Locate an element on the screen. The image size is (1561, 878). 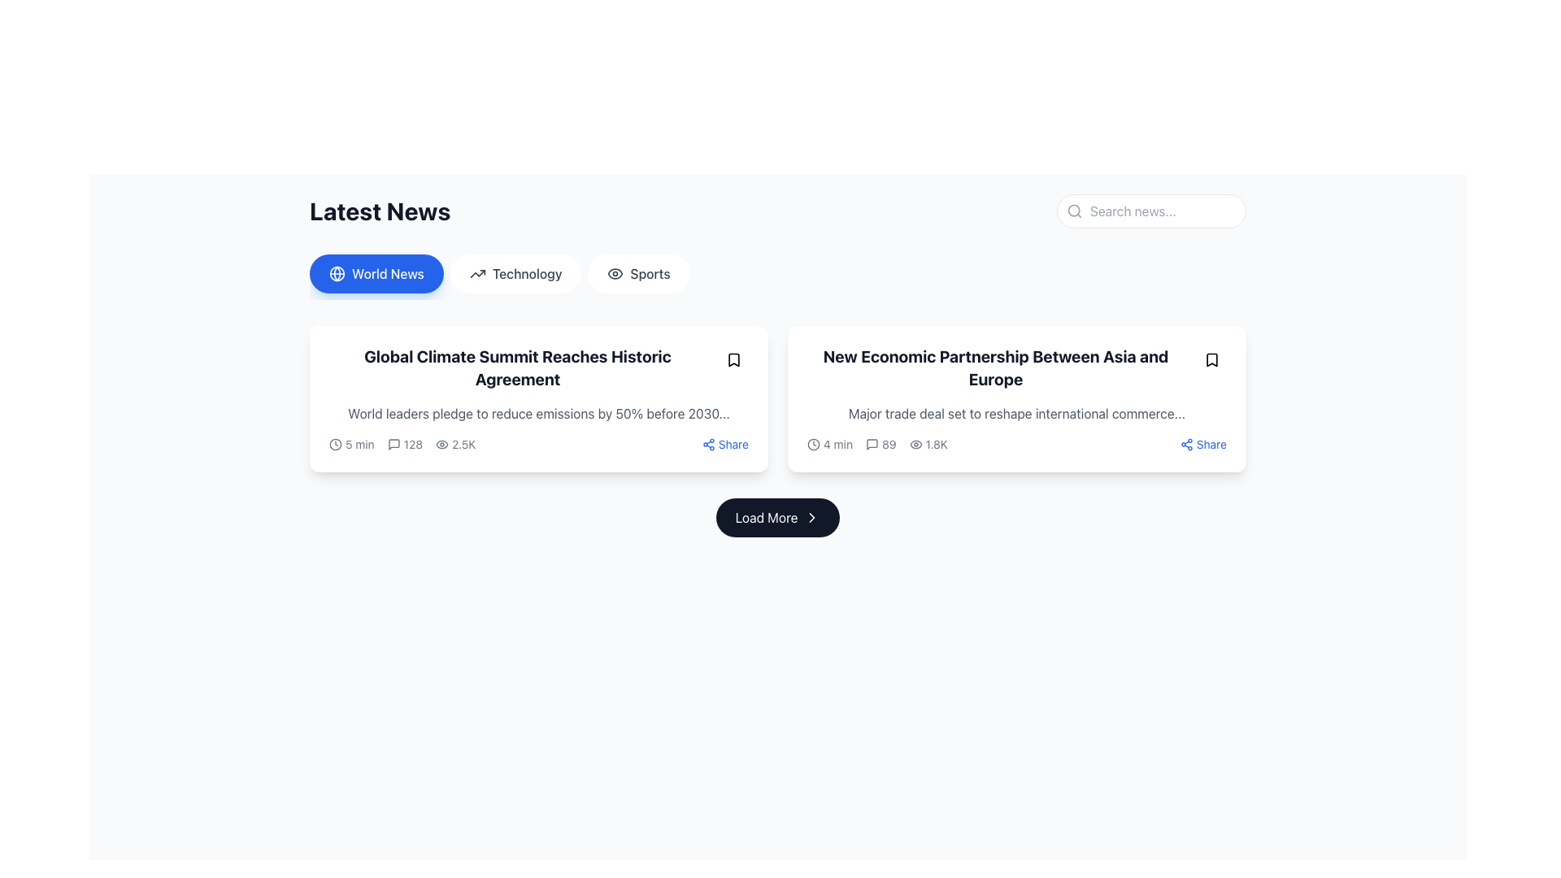
the visibility statistics icon located to the left of the '2.5K' text, indicating the number of views for an item is located at coordinates (442, 445).